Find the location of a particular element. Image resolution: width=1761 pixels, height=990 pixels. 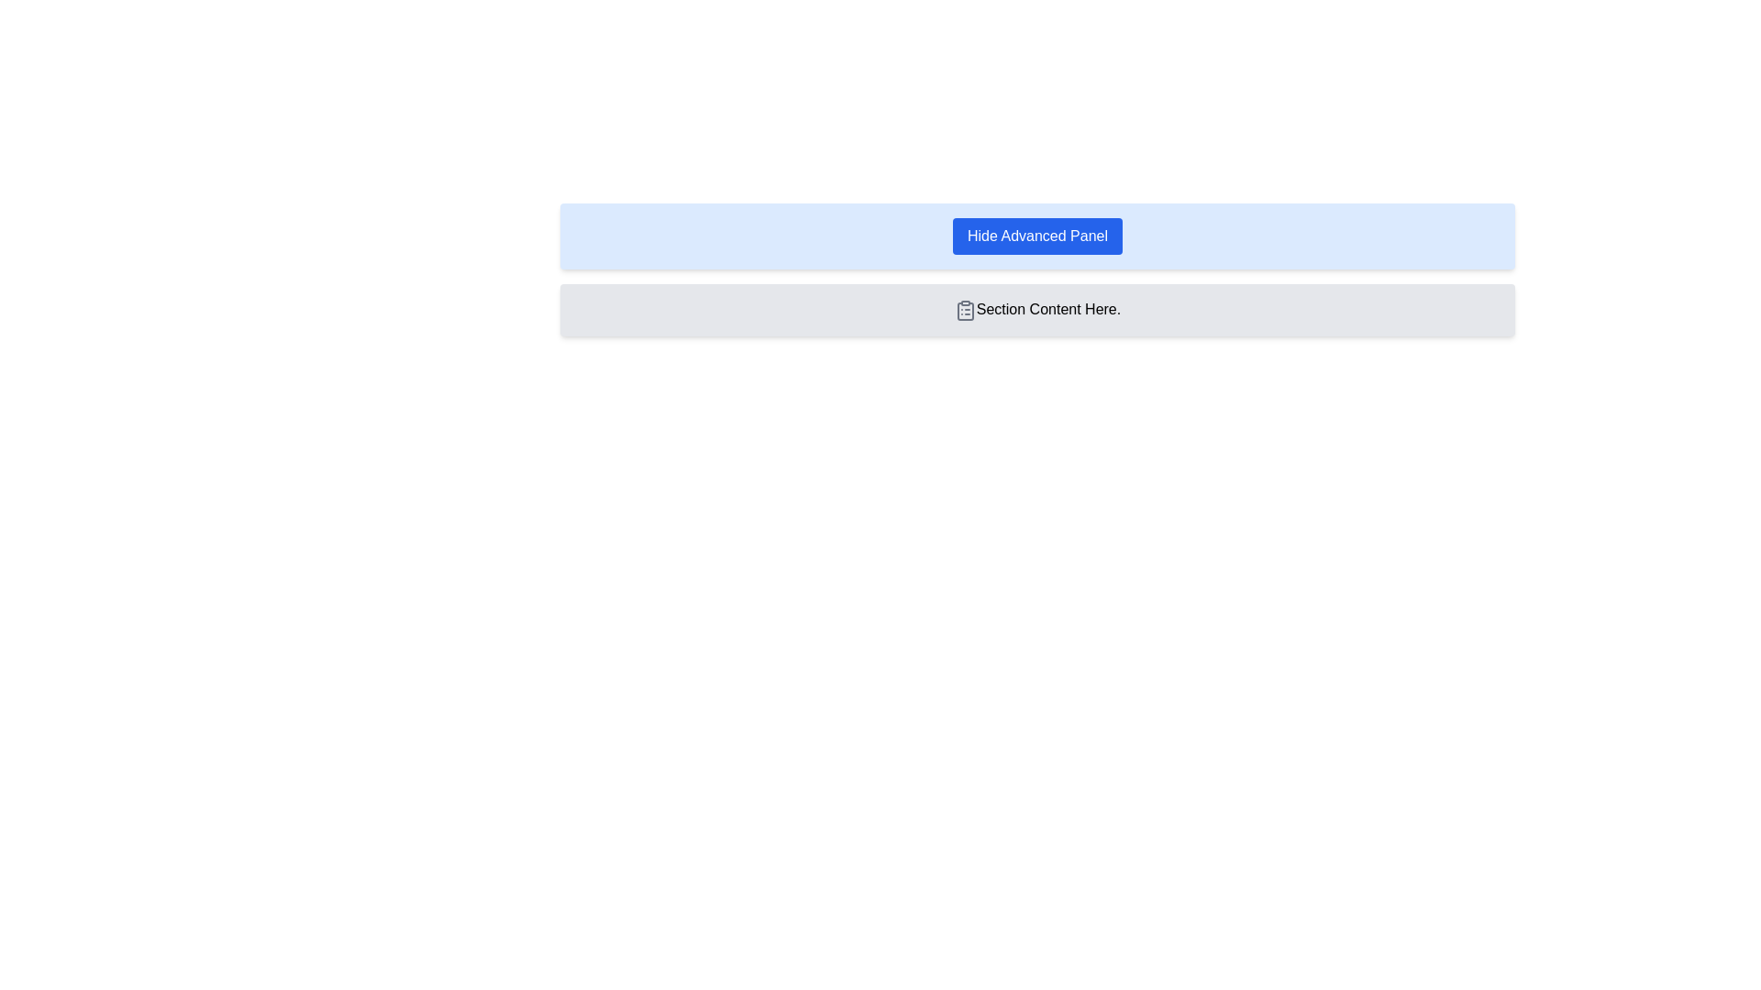

the rectangular button labeled 'Hide Advanced Panel' with a blue background is located at coordinates (1037, 236).